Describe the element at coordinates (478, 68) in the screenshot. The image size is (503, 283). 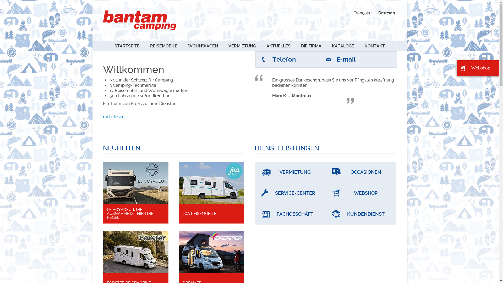
I see `'Webshop'` at that location.